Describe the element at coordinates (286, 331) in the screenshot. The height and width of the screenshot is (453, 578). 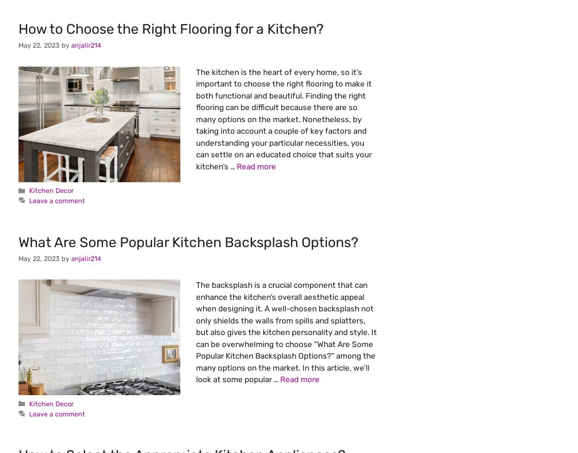
I see `'The backsplash is a crucial component that can enhance the kitchen’s overall aesthetic appeal when designing it. A well-chosen backsplash not only shields the walls from spills and splatters, but also gives the kitchen personality and style. It can be overwhelming to choose “What Are Some Popular Kitchen Backsplash Options?” among the many options on the market. In this article, we’ll look at some popular …'` at that location.